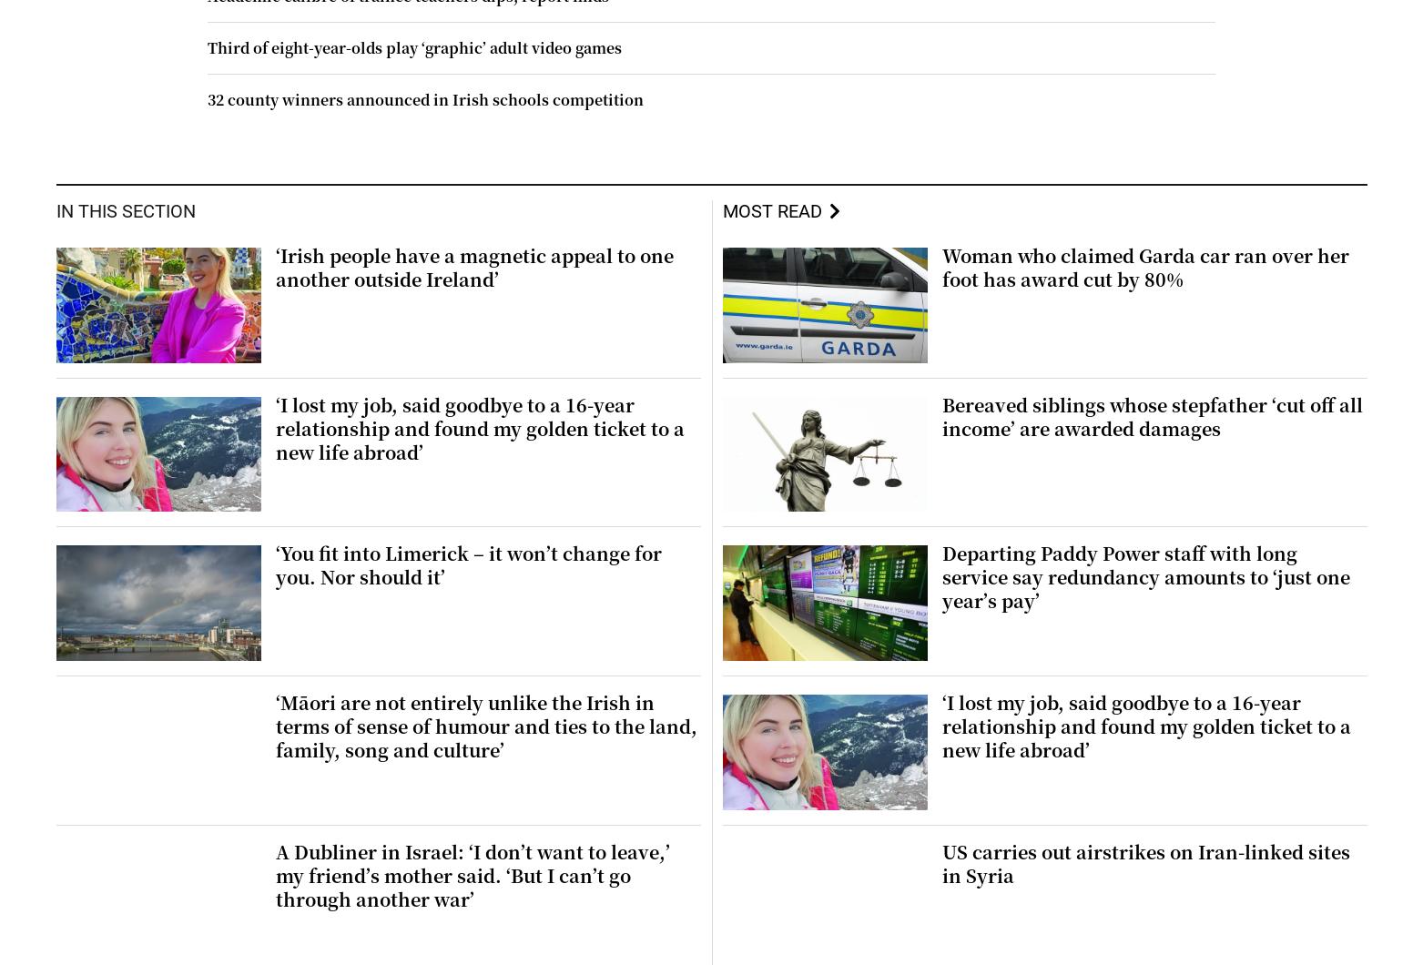 This screenshot has width=1423, height=965. Describe the element at coordinates (1145, 862) in the screenshot. I see `'US carries out airstrikes on Iran-linked sites in Syria'` at that location.